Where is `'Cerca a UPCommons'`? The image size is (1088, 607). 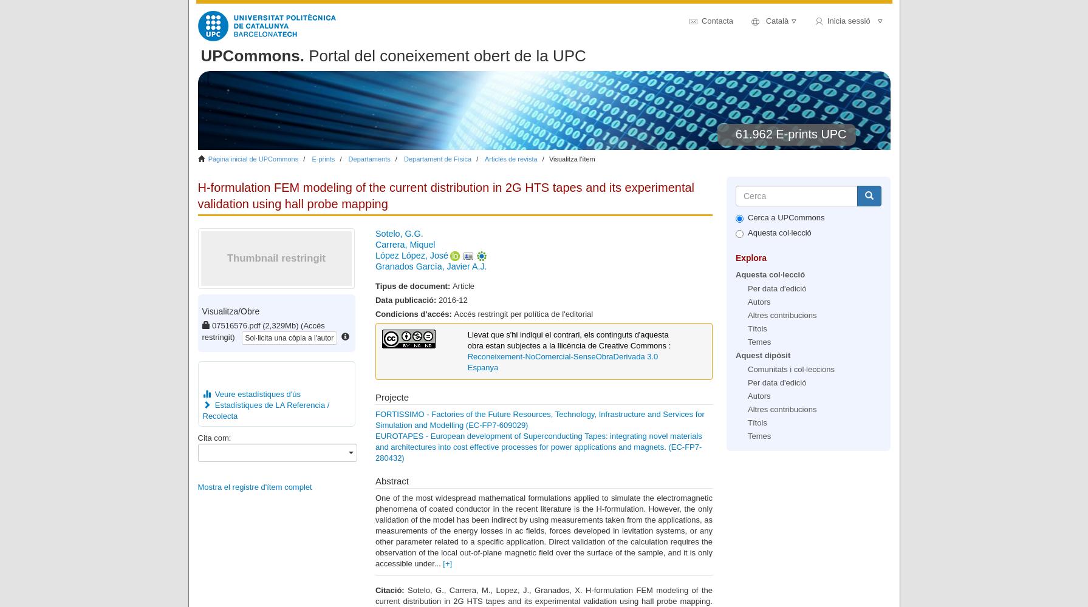
'Cerca a UPCommons' is located at coordinates (785, 216).